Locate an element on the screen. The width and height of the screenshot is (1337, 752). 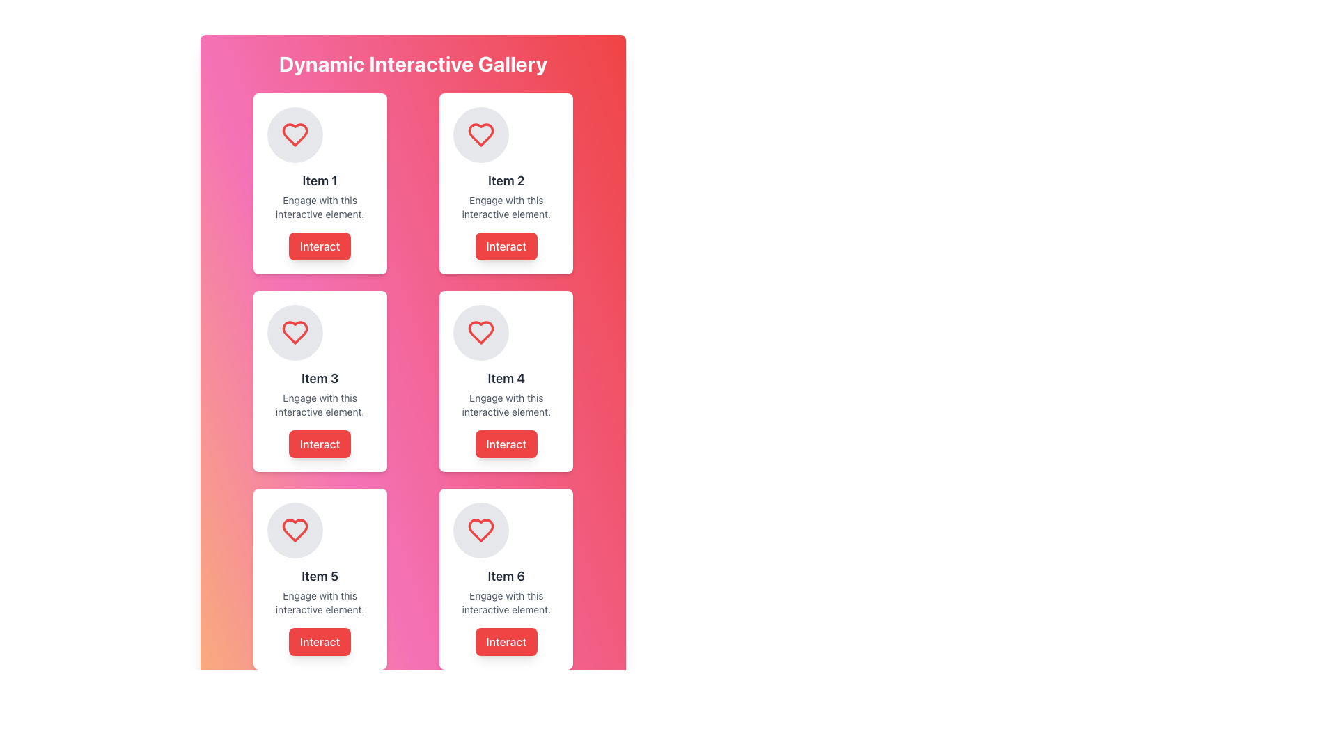
the Text Display element that provides details related to 'Item 3', positioned below the title and above the 'Interact' button is located at coordinates (319, 405).